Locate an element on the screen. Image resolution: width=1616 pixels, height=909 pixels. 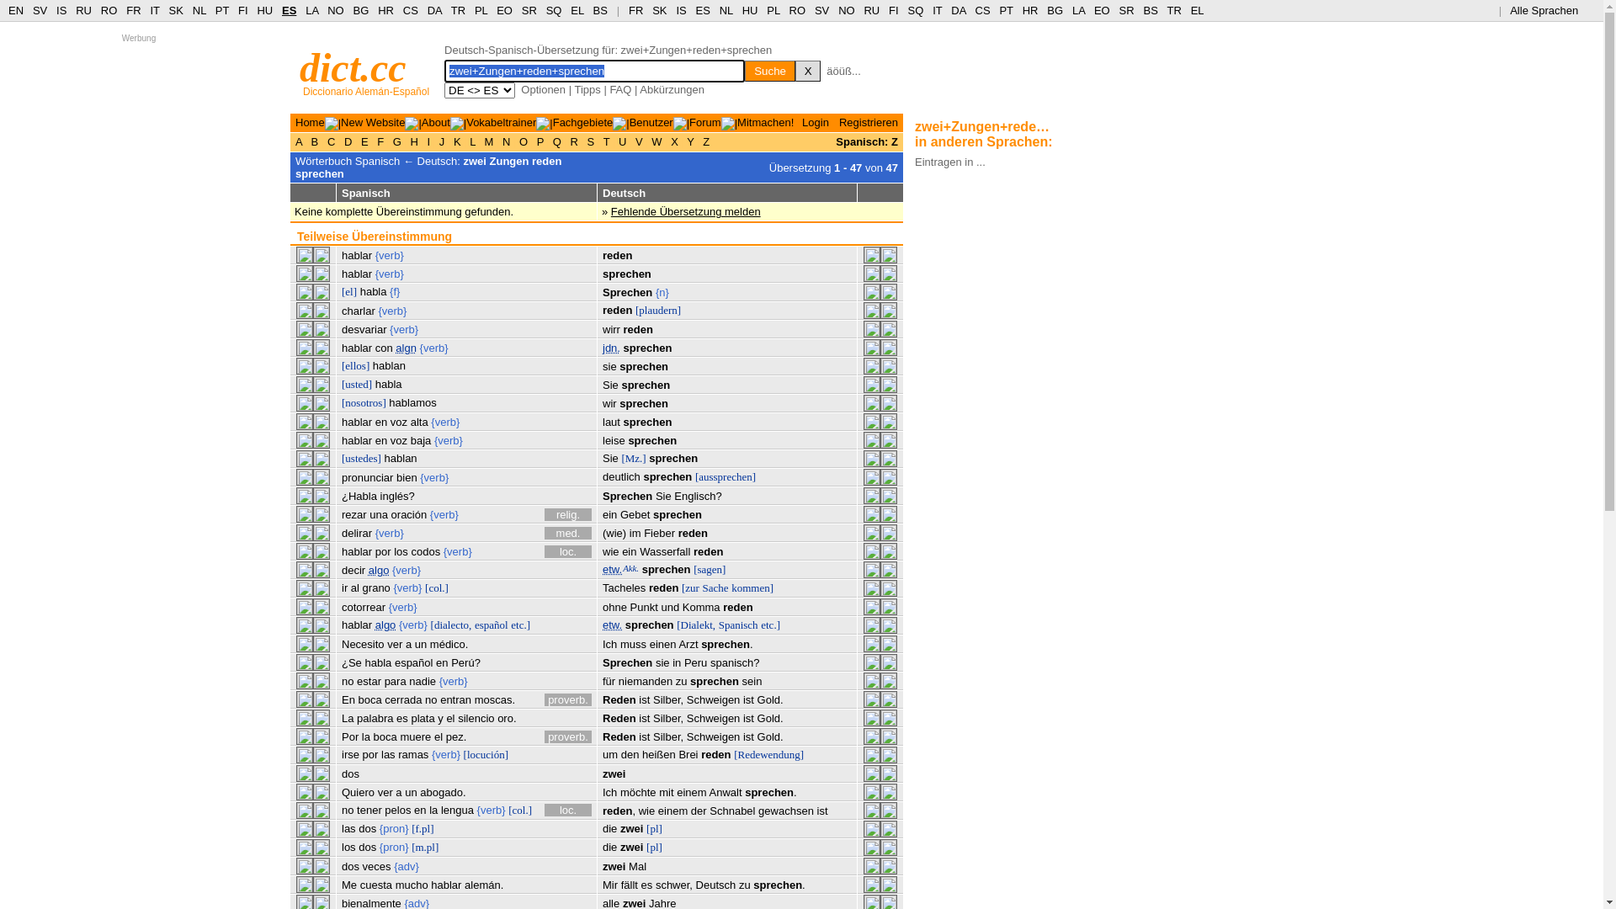
'niemanden' is located at coordinates (617, 680).